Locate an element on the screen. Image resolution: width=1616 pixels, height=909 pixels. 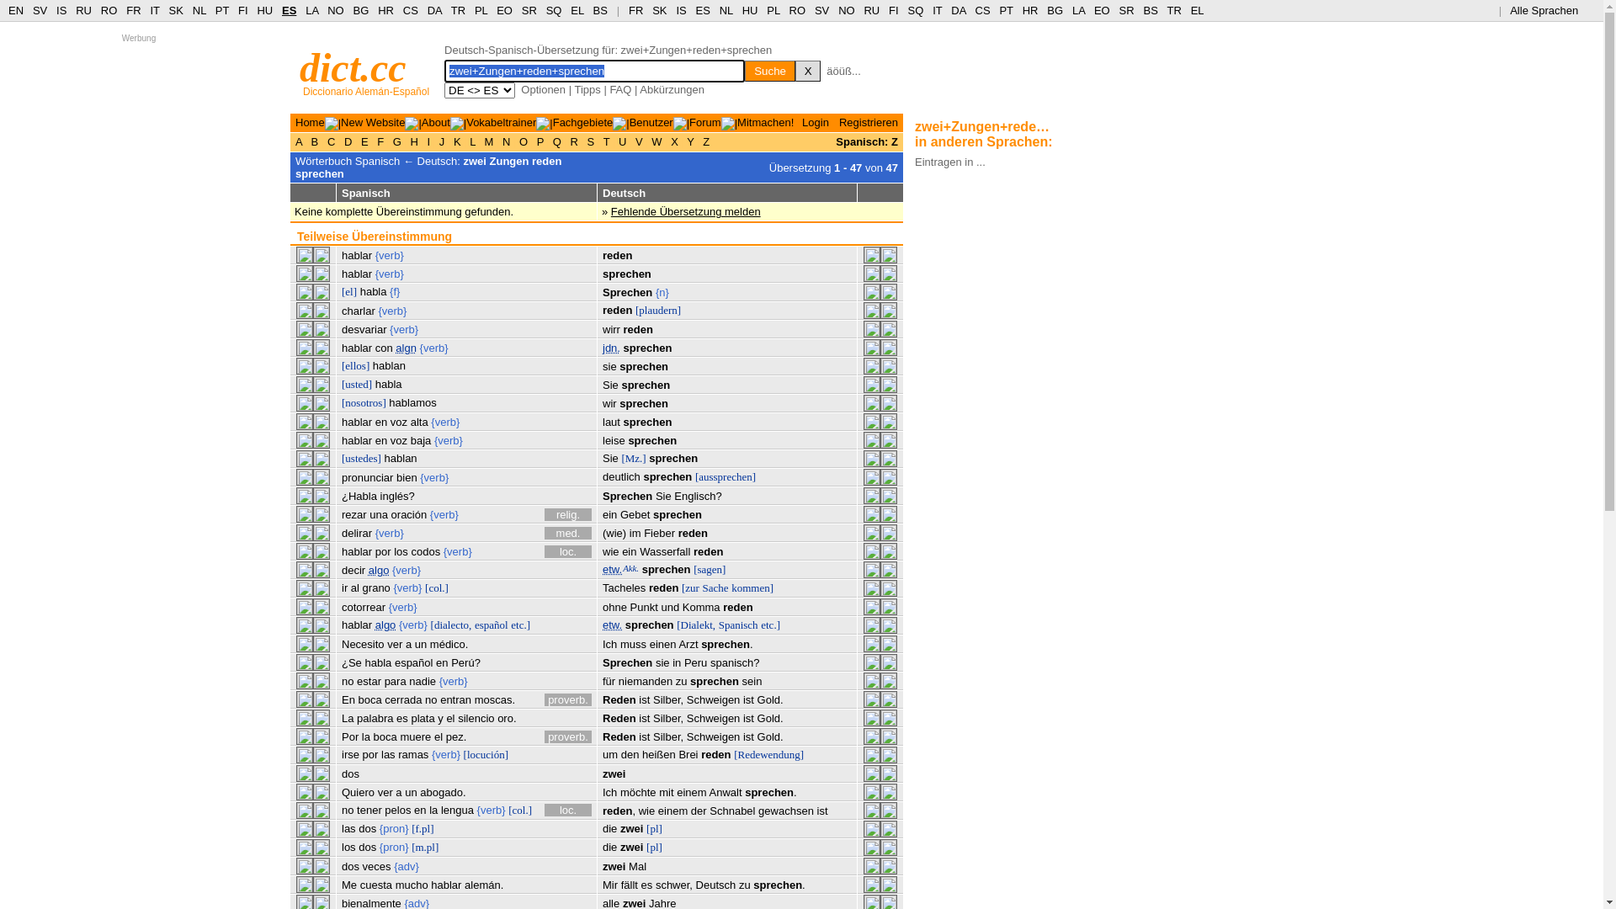
'niemanden' is located at coordinates (617, 680).